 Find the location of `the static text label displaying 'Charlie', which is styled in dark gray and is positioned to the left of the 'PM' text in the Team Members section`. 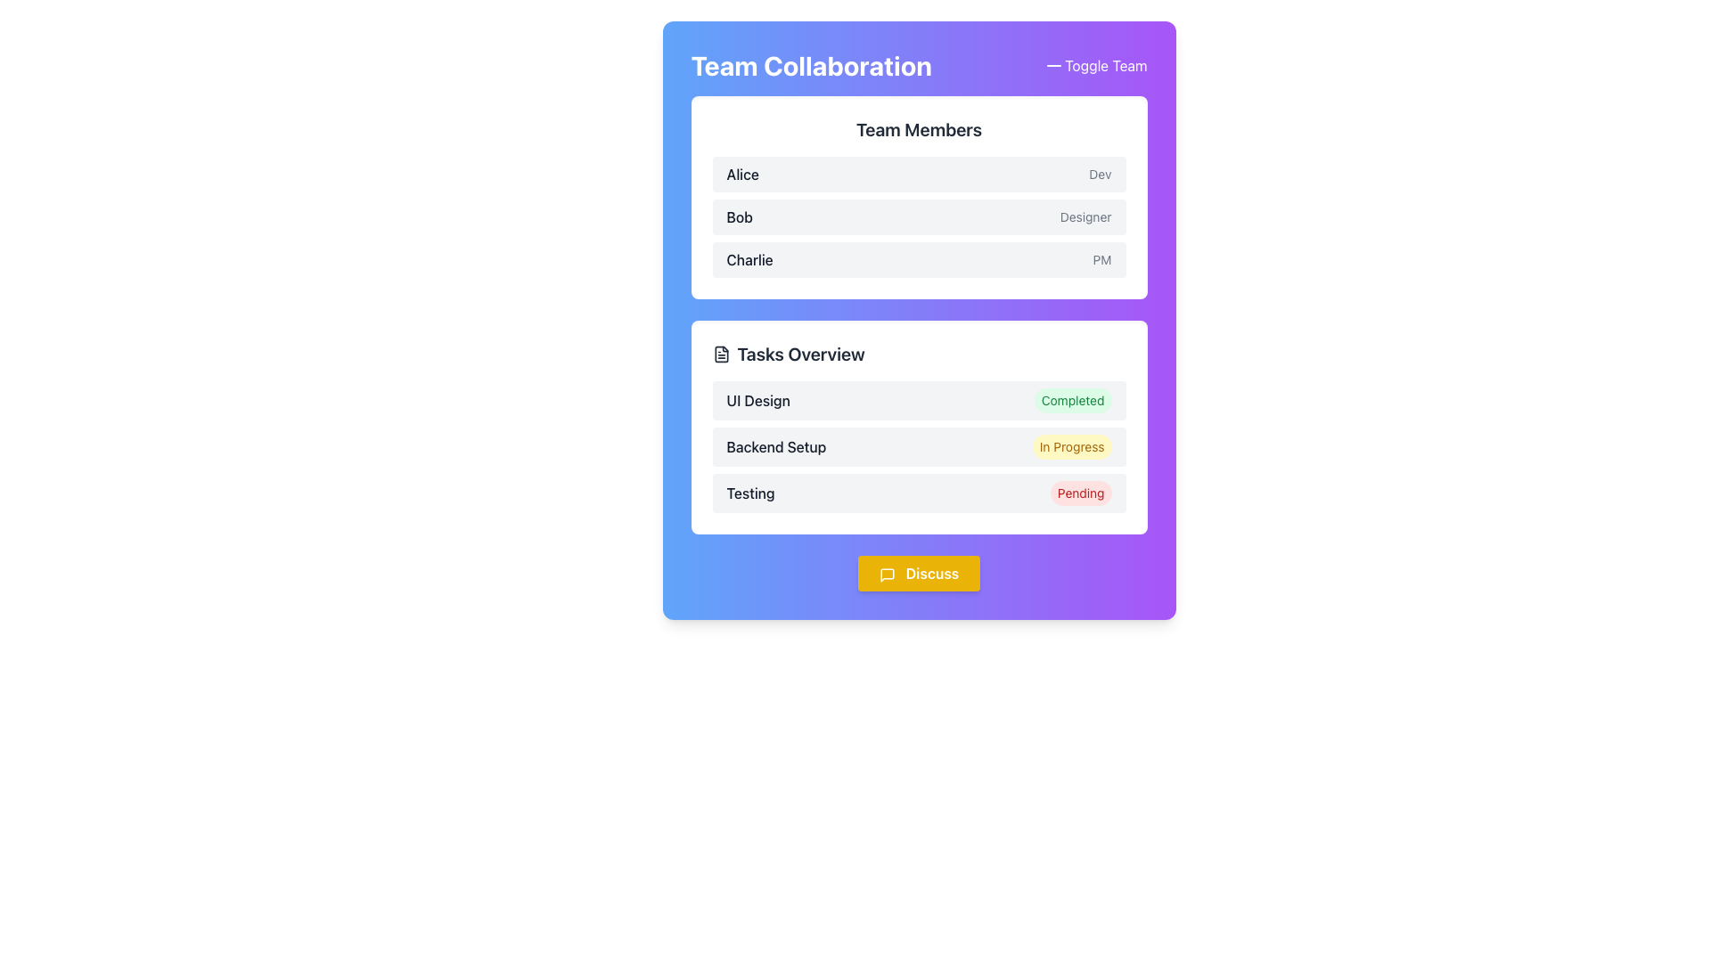

the static text label displaying 'Charlie', which is styled in dark gray and is positioned to the left of the 'PM' text in the Team Members section is located at coordinates (749, 260).